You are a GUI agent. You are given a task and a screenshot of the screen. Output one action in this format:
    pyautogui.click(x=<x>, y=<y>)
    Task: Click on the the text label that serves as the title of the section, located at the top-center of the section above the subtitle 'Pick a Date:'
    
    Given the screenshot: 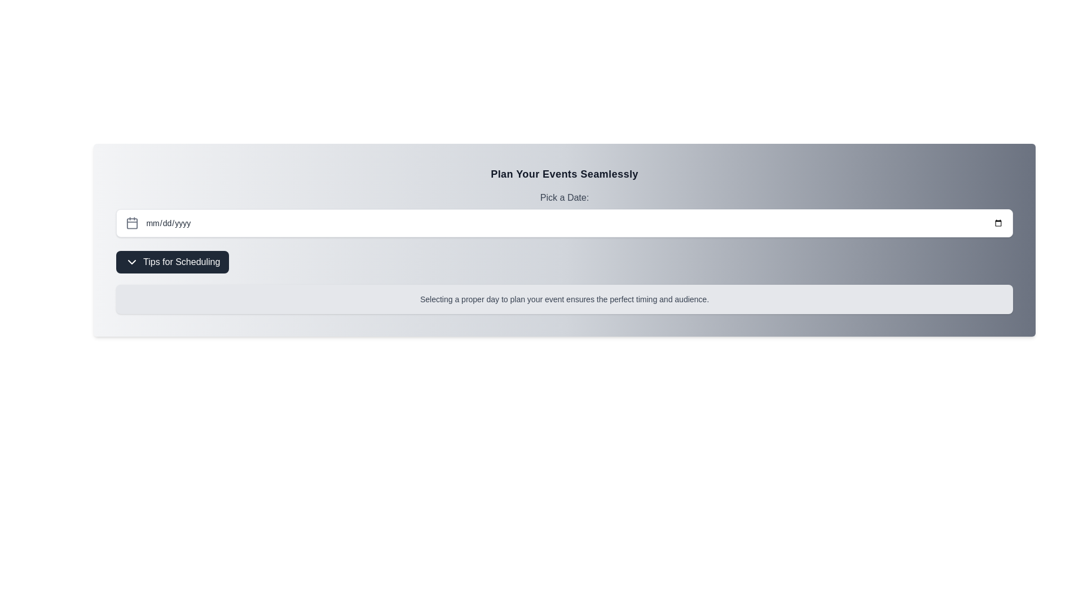 What is the action you would take?
    pyautogui.click(x=565, y=174)
    